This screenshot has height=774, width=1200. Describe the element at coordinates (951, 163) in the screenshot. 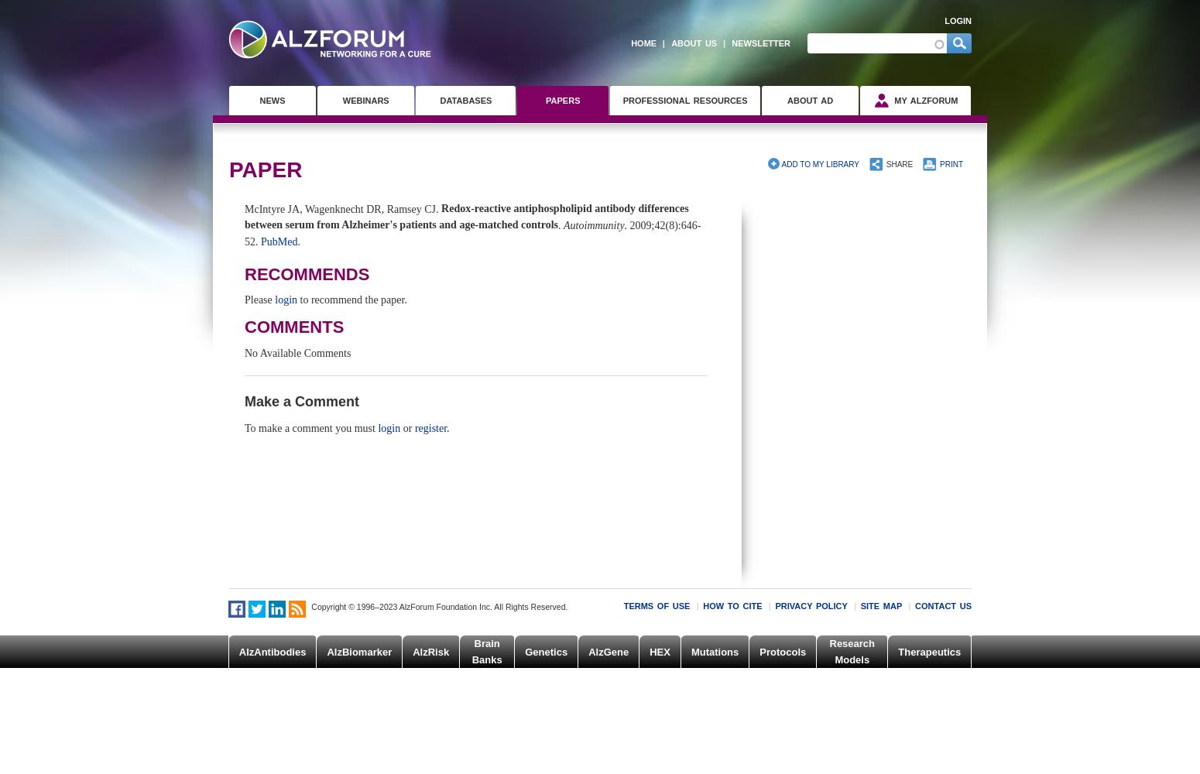

I see `'Print'` at that location.